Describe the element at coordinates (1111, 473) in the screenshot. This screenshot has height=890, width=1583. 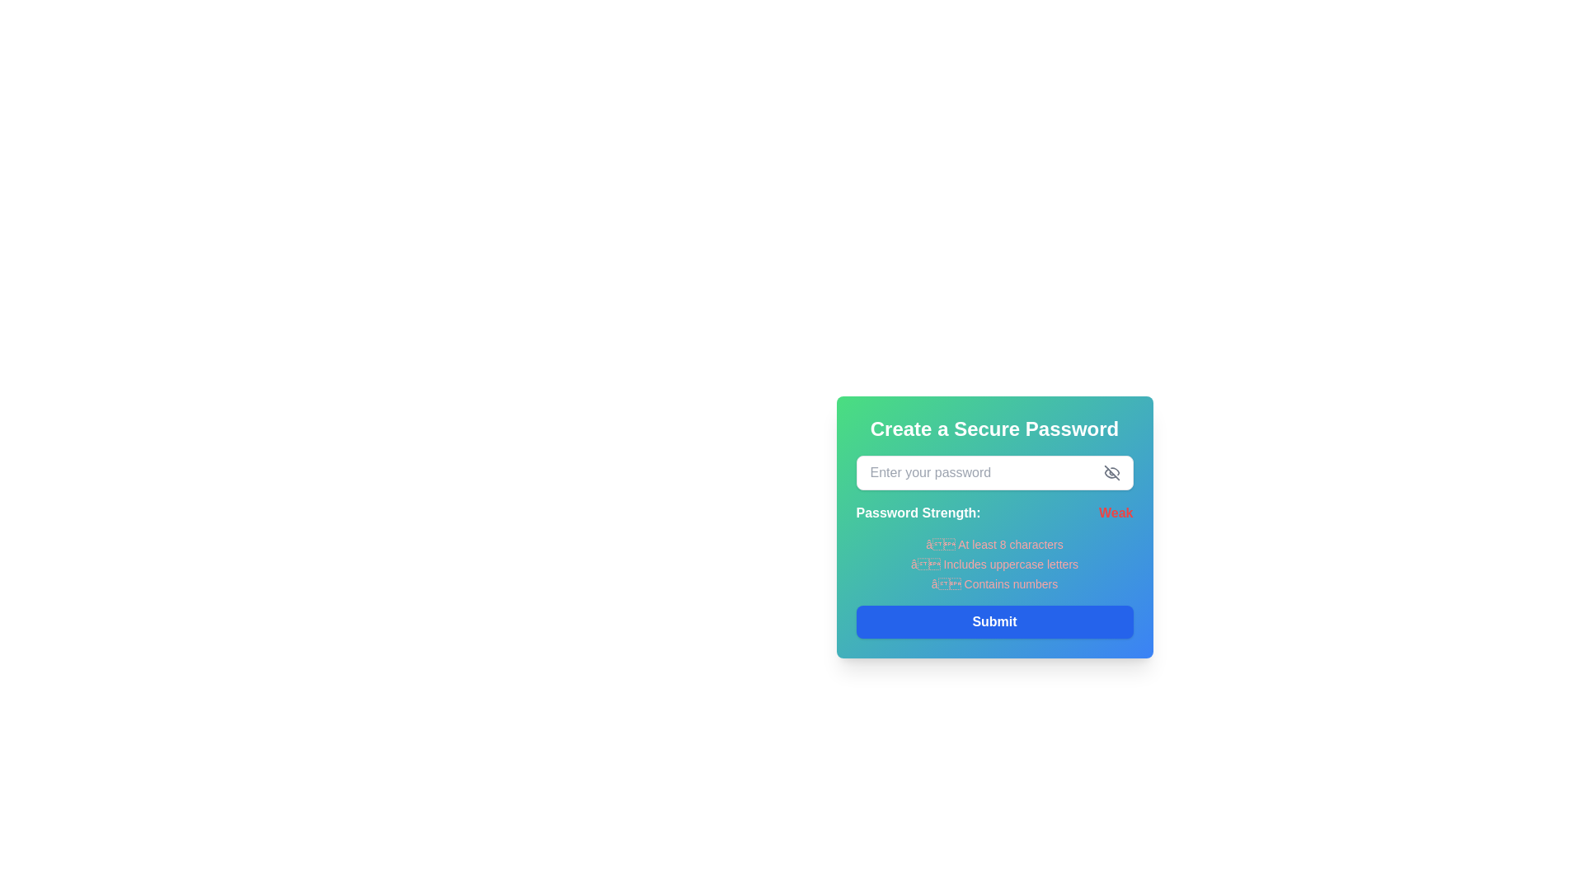
I see `the 'visibility off' icon resembling an eye with a diagonal line crossing it, located at the far-right side of the password input field` at that location.